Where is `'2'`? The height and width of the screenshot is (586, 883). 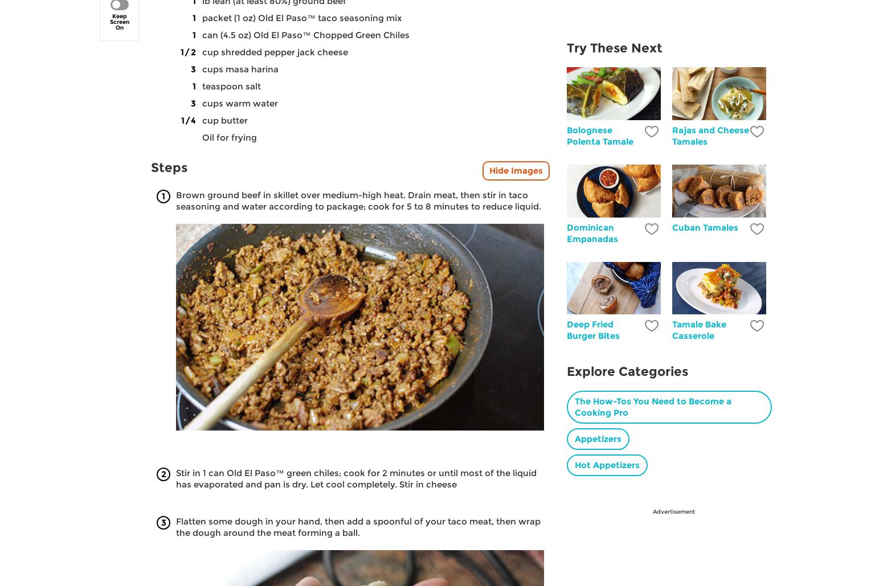
'2' is located at coordinates (163, 473).